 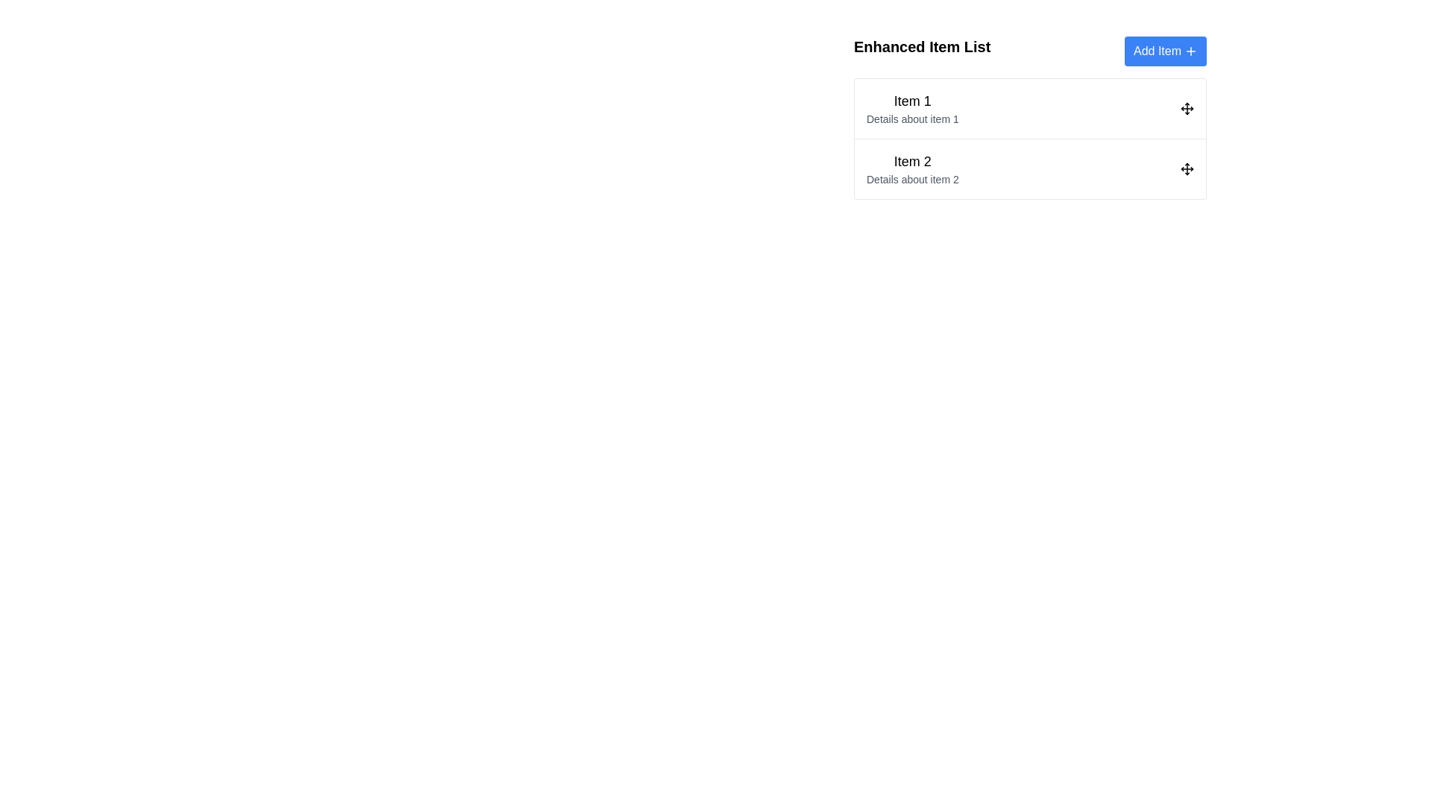 What do you see at coordinates (911, 168) in the screenshot?
I see `the second item in the 'Enhanced Item List' that provides details about 'Item 2'` at bounding box center [911, 168].